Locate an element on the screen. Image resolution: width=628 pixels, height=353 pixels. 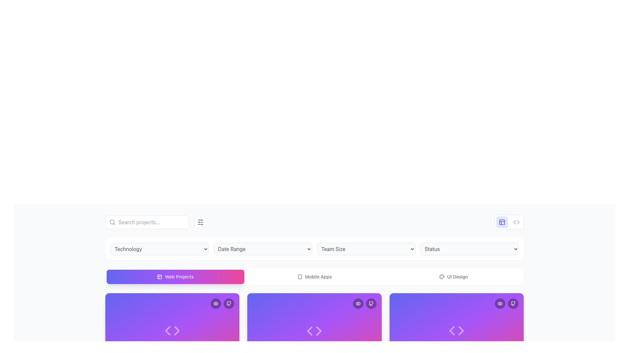
the right-side portion of the code symbol icon located near the upper-right corner of the interface, to the left of a similar triangular shape is located at coordinates (518, 222).